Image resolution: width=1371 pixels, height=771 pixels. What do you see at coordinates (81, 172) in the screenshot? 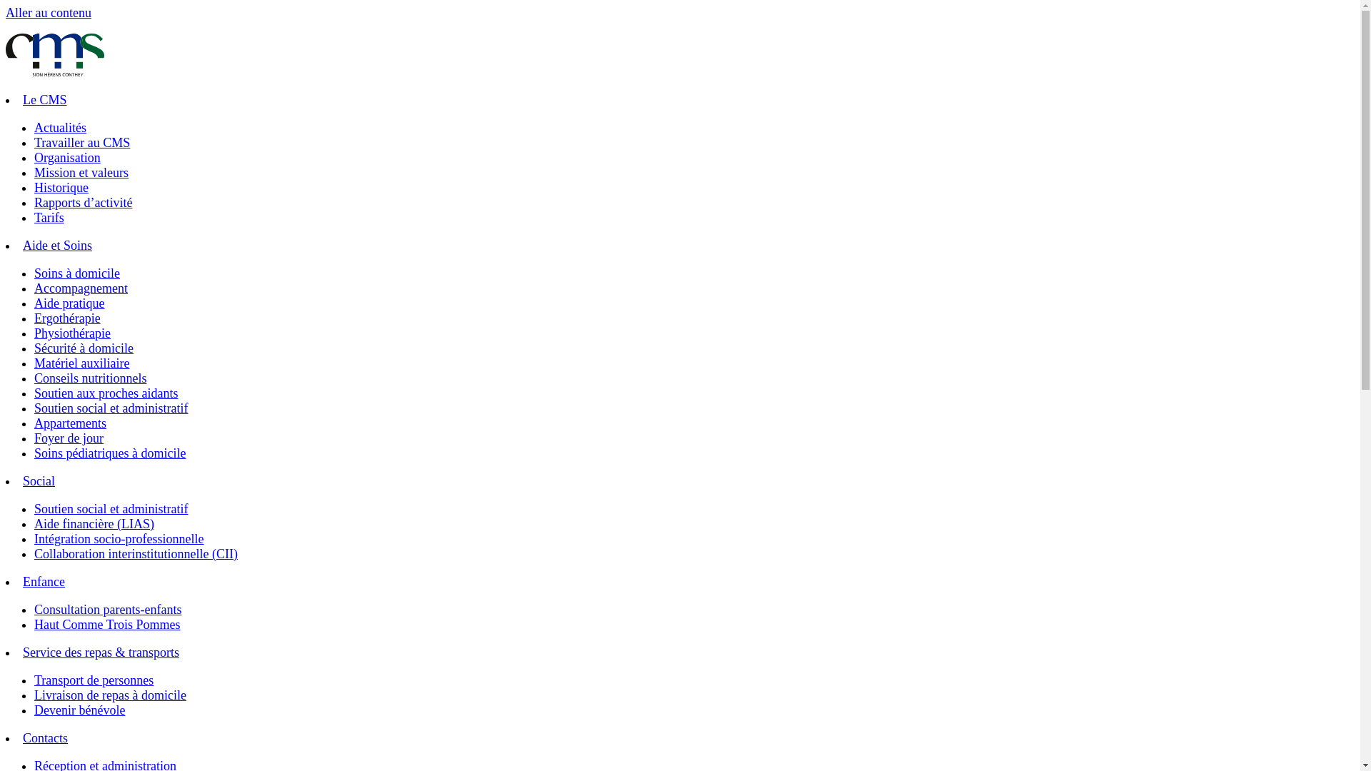
I see `'Mission et valeurs'` at bounding box center [81, 172].